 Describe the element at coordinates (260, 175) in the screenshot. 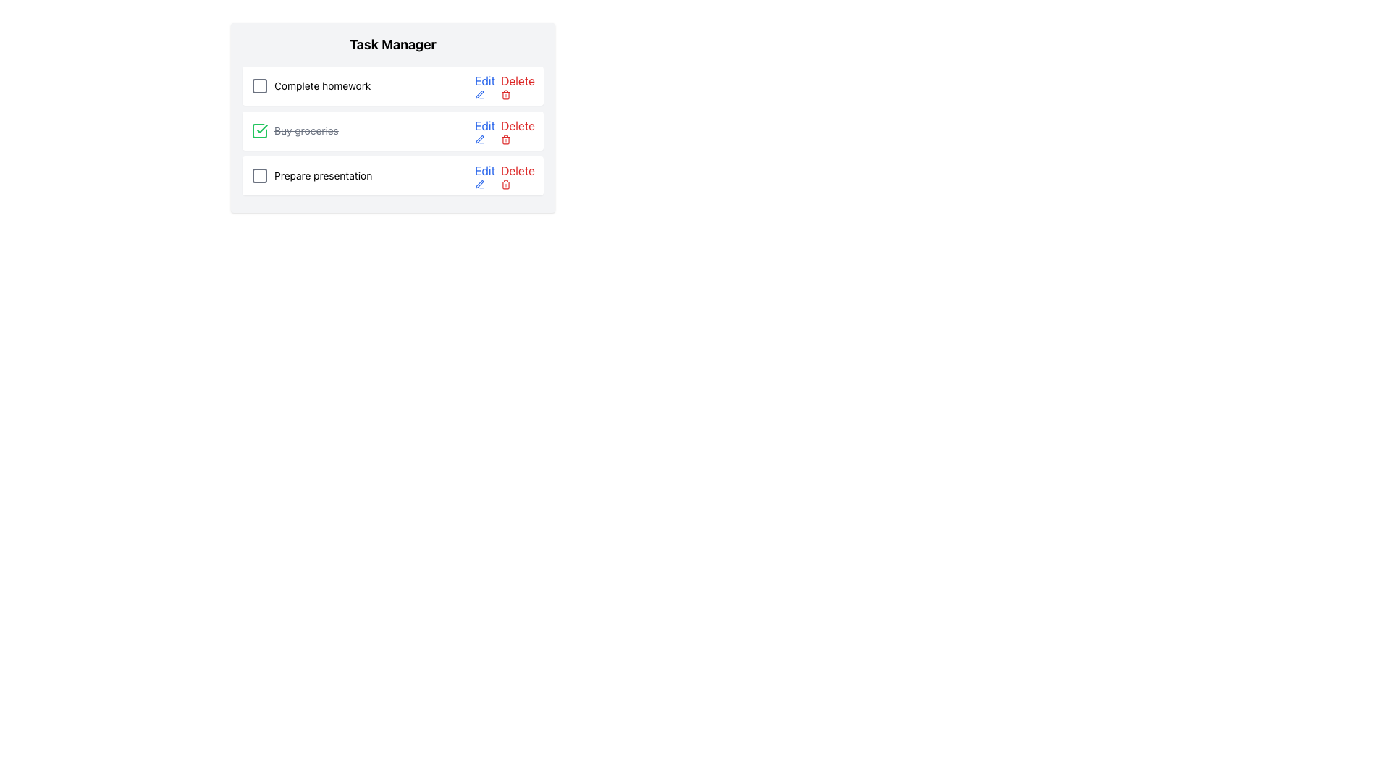

I see `the Square indicator or checkbox associated with the 'Prepare presentation' task, located at the beginning of its row` at that location.